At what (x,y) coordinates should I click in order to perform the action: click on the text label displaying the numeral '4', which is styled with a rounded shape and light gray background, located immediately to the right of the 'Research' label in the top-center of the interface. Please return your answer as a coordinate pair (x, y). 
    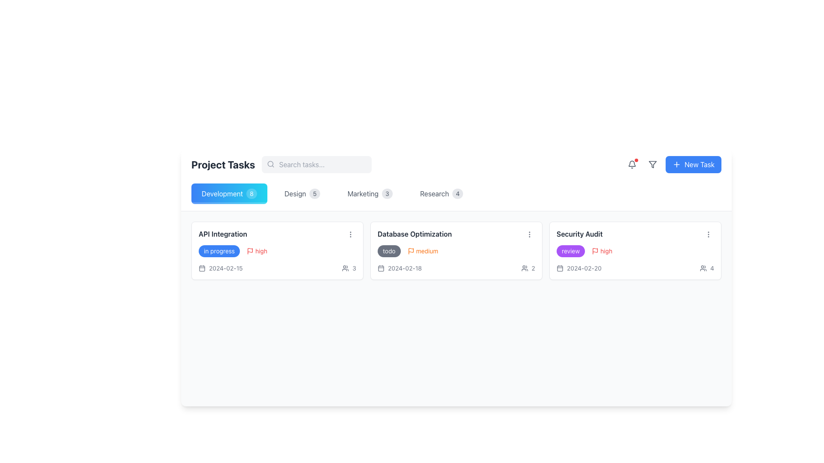
    Looking at the image, I should click on (457, 193).